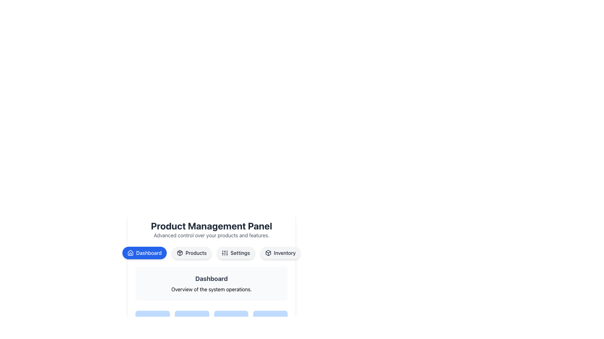  I want to click on the 'Dashboard' button that contains the house icon, which is styled with a blue background and white text, so click(130, 253).